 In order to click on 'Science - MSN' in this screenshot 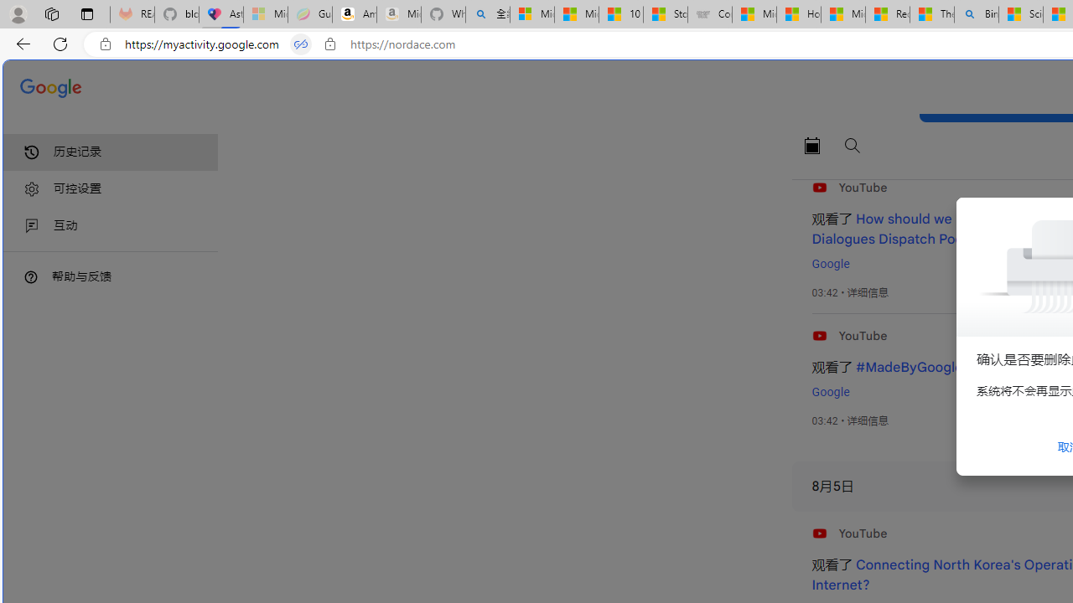, I will do `click(1019, 14)`.